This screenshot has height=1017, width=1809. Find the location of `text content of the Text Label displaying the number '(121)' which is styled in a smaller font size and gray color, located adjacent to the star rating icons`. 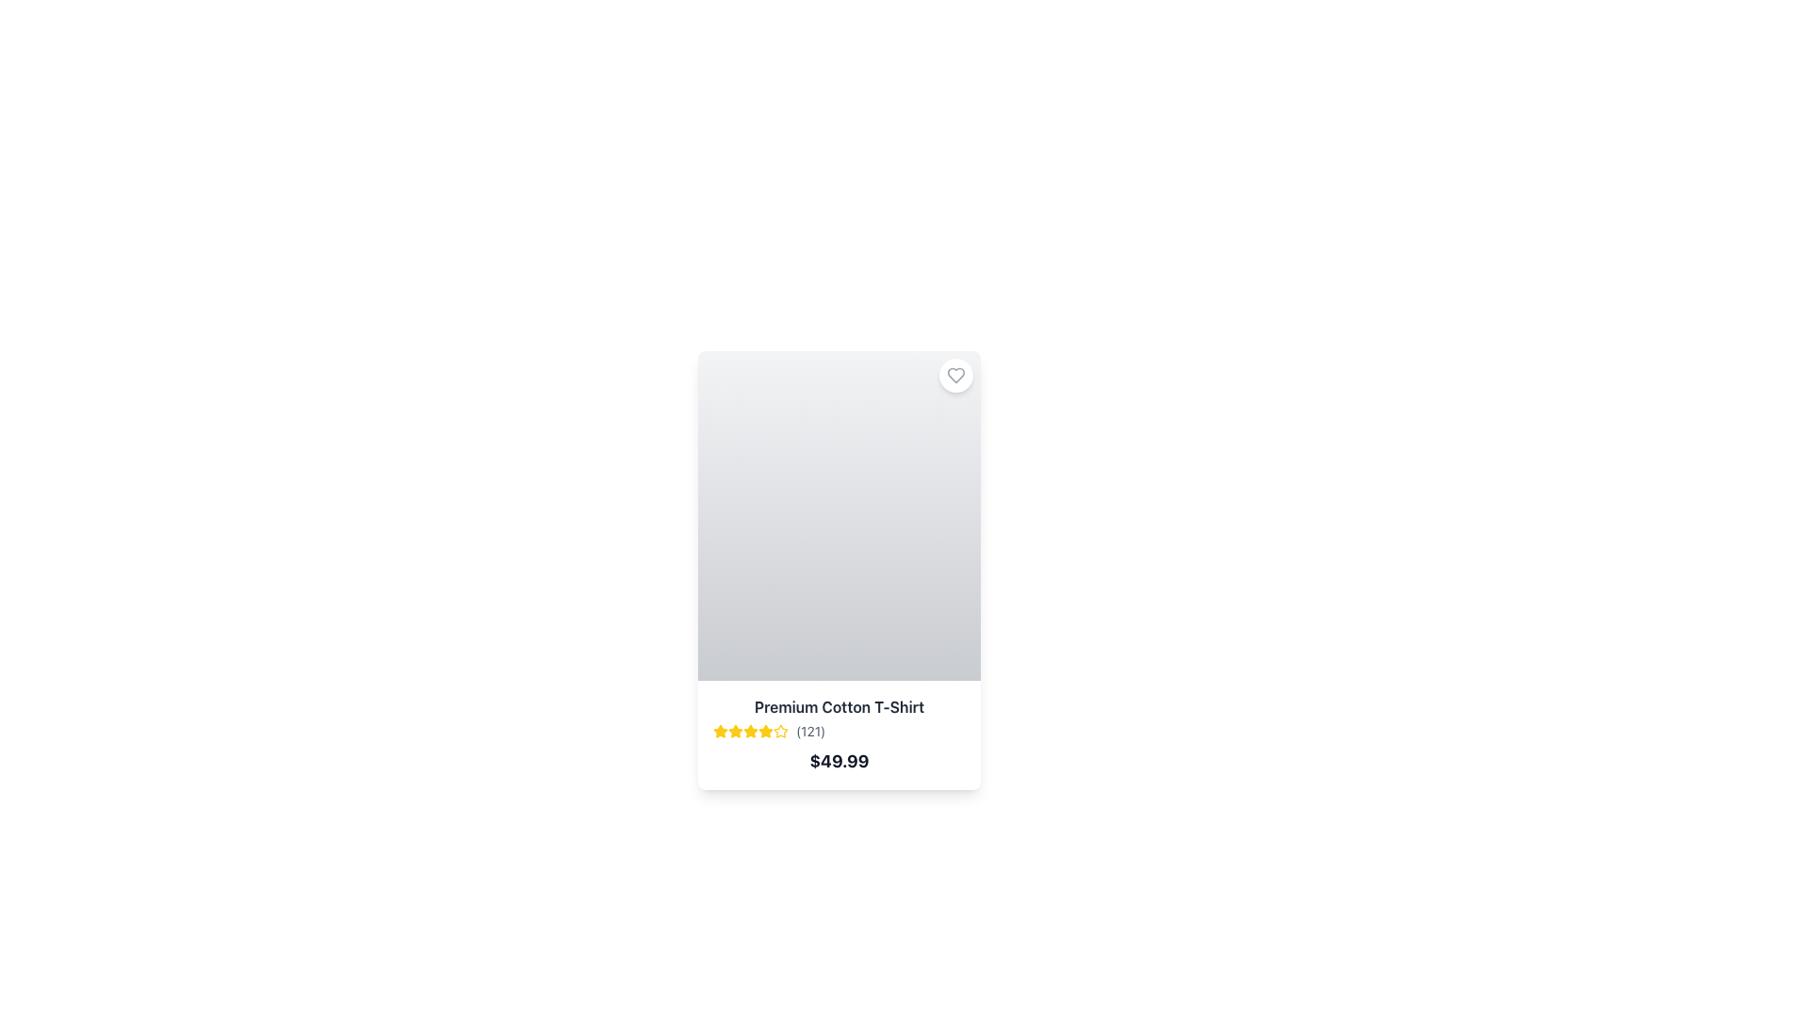

text content of the Text Label displaying the number '(121)' which is styled in a smaller font size and gray color, located adjacent to the star rating icons is located at coordinates (810, 730).